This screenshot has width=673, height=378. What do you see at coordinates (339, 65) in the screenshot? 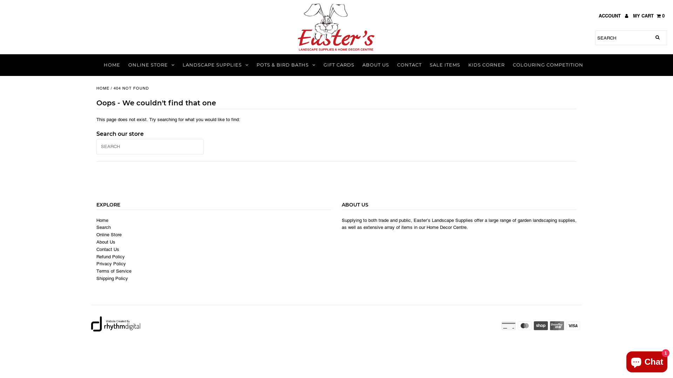
I see `'GIFT CARDS'` at bounding box center [339, 65].